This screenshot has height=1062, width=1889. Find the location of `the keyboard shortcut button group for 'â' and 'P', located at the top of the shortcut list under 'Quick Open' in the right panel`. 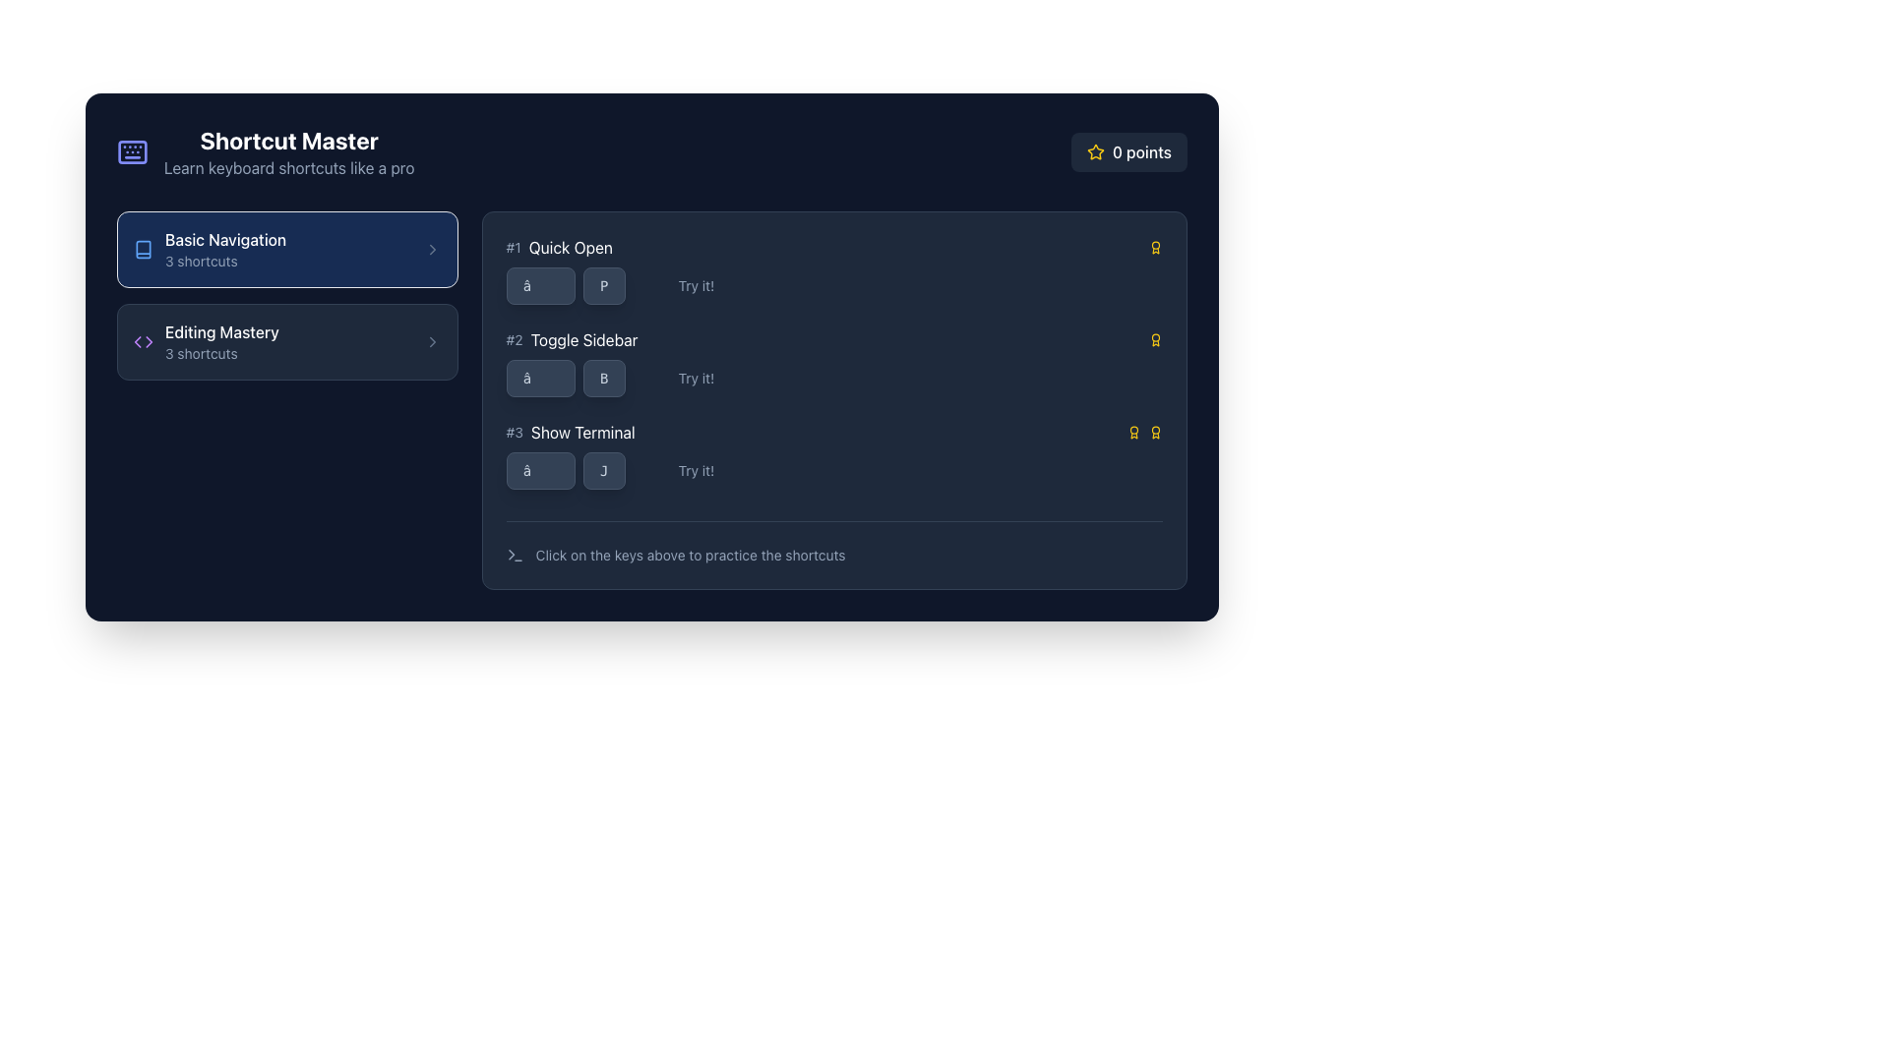

the keyboard shortcut button group for 'â' and 'P', located at the top of the shortcut list under 'Quick Open' in the right panel is located at coordinates (565, 285).